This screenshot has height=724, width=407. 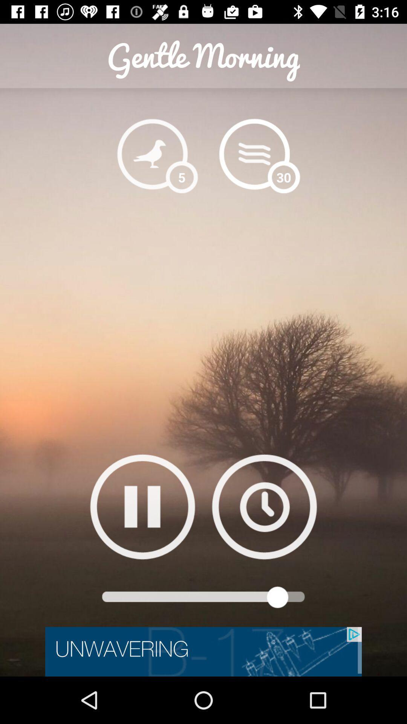 What do you see at coordinates (142, 506) in the screenshot?
I see `pause music` at bounding box center [142, 506].